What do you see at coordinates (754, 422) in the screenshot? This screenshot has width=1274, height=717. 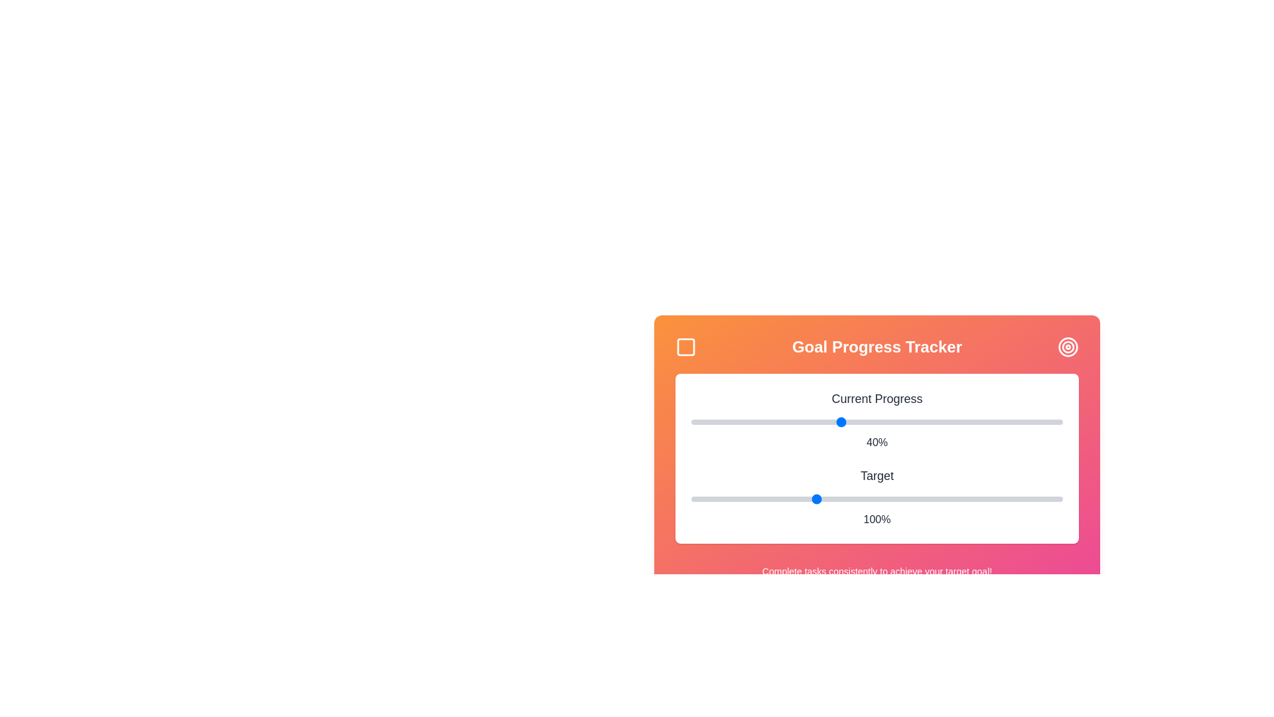 I see `the 'Current Progress' slider to 17%` at bounding box center [754, 422].